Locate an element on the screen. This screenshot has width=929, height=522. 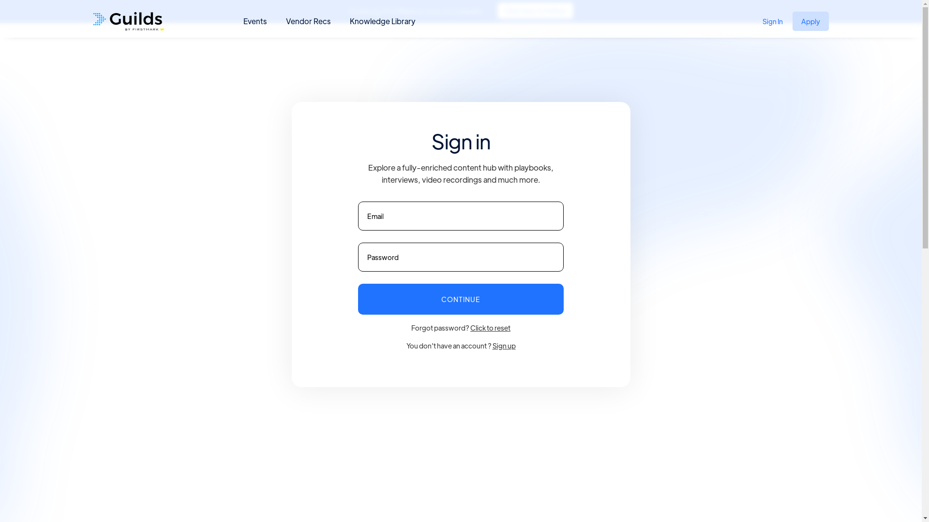
'Vendor Recs' is located at coordinates (307, 21).